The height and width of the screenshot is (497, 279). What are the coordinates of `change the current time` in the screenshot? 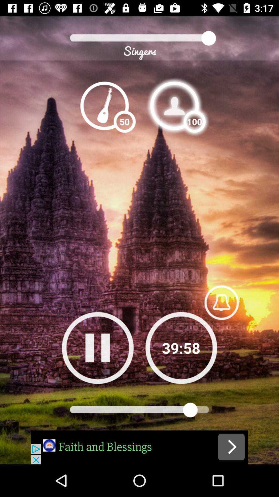 It's located at (181, 348).